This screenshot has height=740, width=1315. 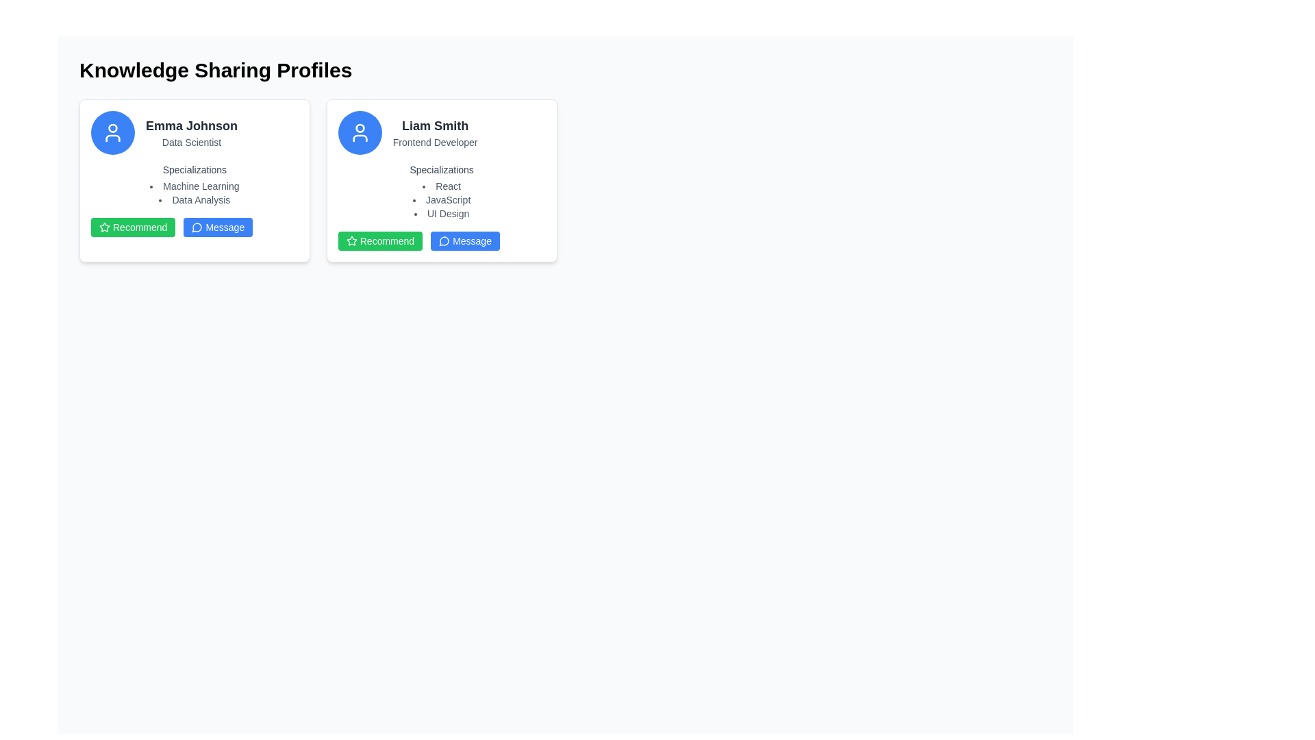 I want to click on the 'Message' button, which is styled with a blue rectangular background and contains white text and an icon resembling a speech bubble, located in the bottom-right corner of the 'Liam Smith' profile card, so click(x=465, y=240).